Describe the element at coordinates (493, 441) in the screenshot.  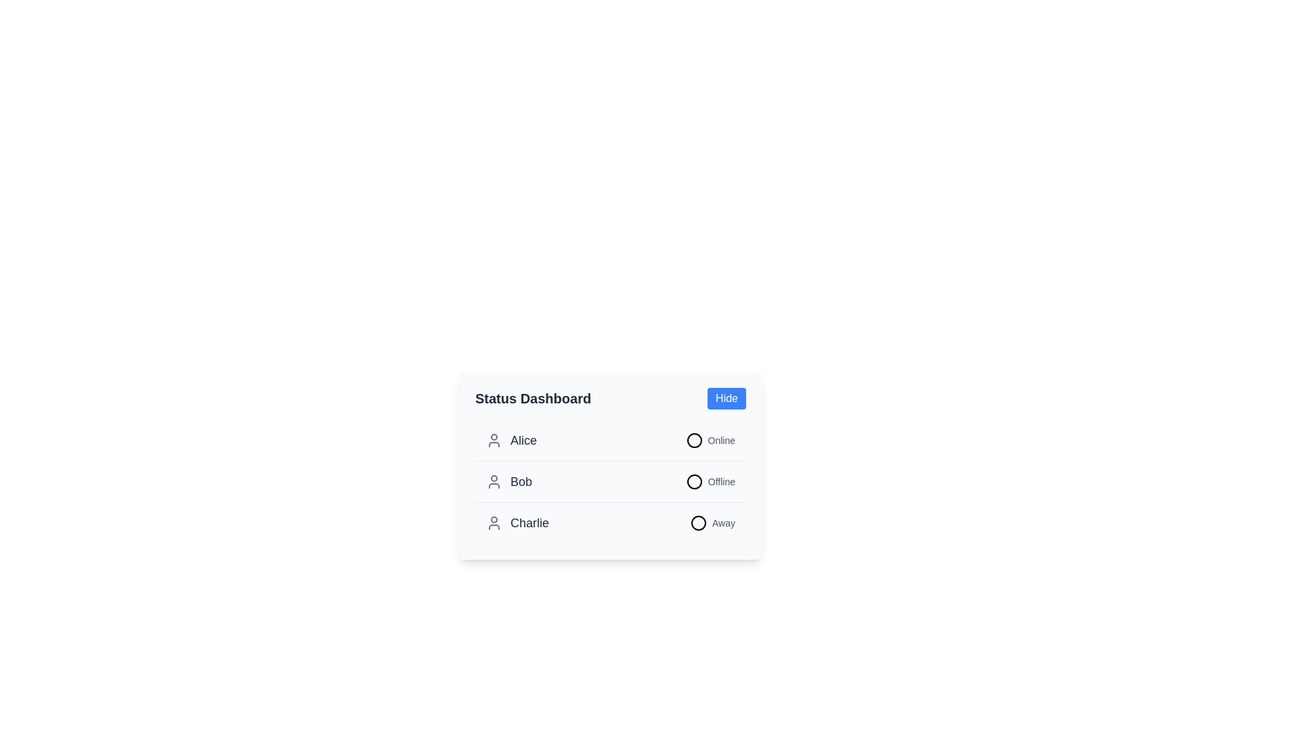
I see `the User Icon representing the user preceding the name 'Alice' in the first row of the 'Status Dashboard'` at that location.